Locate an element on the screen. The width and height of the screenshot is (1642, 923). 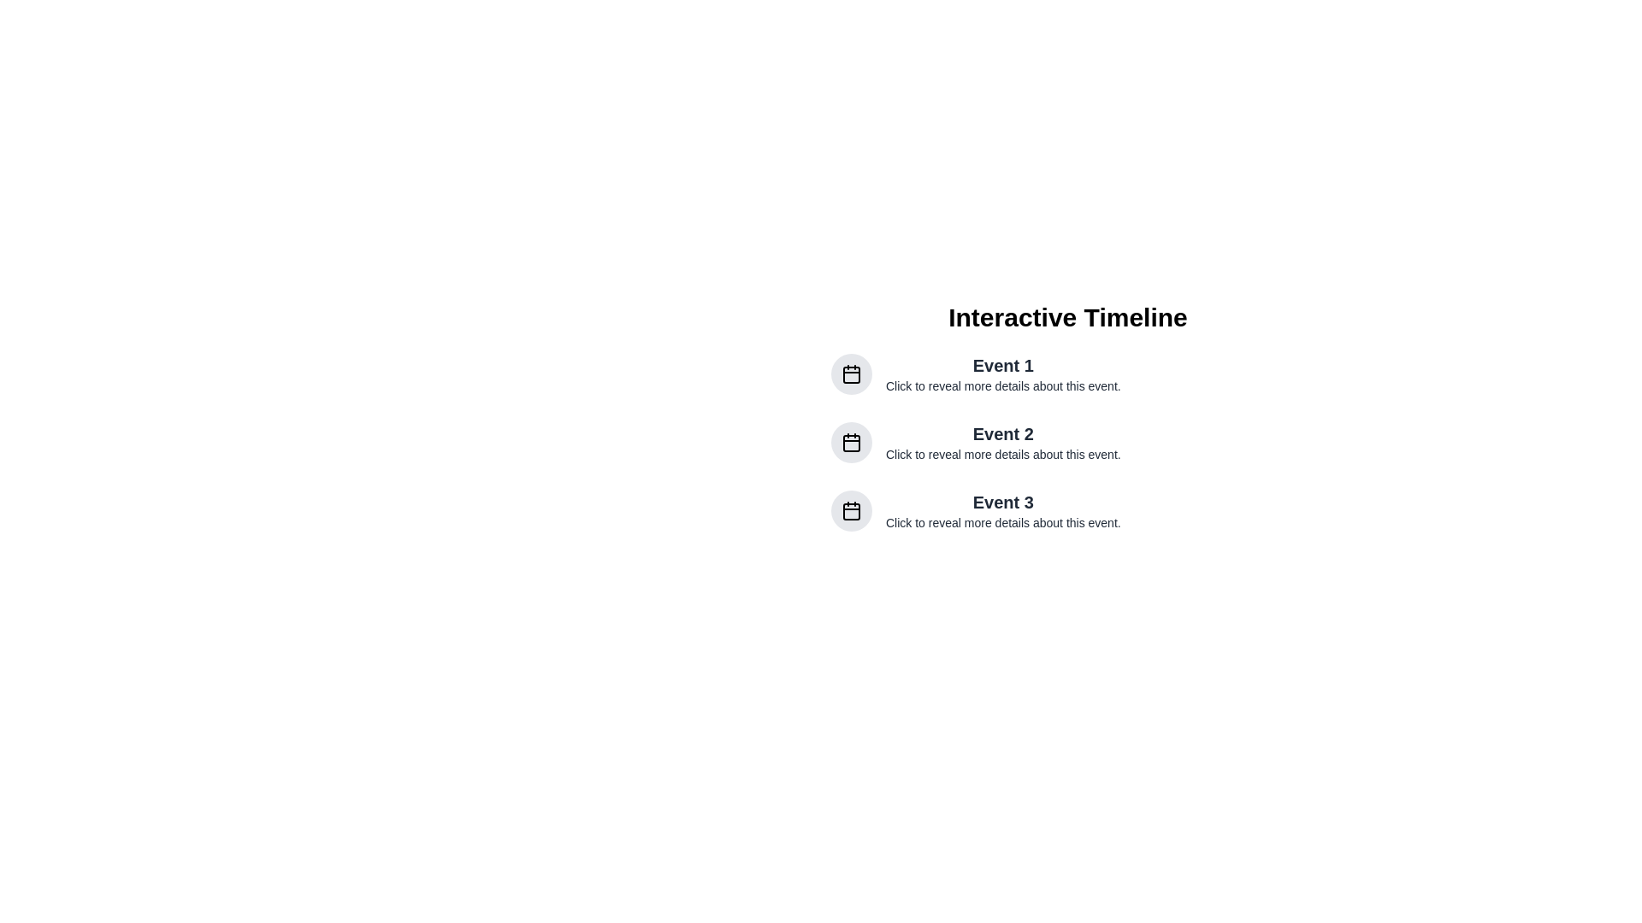
the calendar icon button representing 'Event 2' in the timeline, which is the leftmost component in the second row of content is located at coordinates (852, 441).